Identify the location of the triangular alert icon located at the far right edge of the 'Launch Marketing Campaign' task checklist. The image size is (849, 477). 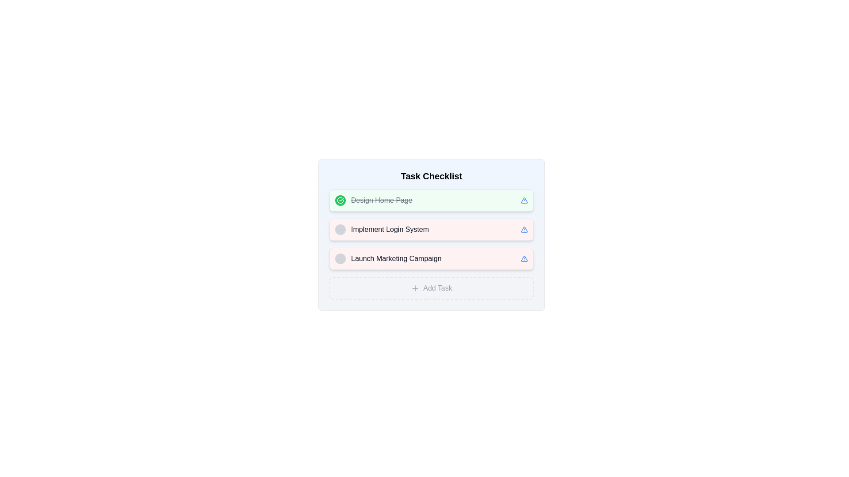
(524, 258).